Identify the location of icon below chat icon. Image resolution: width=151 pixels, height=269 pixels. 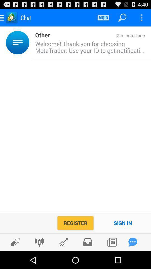
(41, 34).